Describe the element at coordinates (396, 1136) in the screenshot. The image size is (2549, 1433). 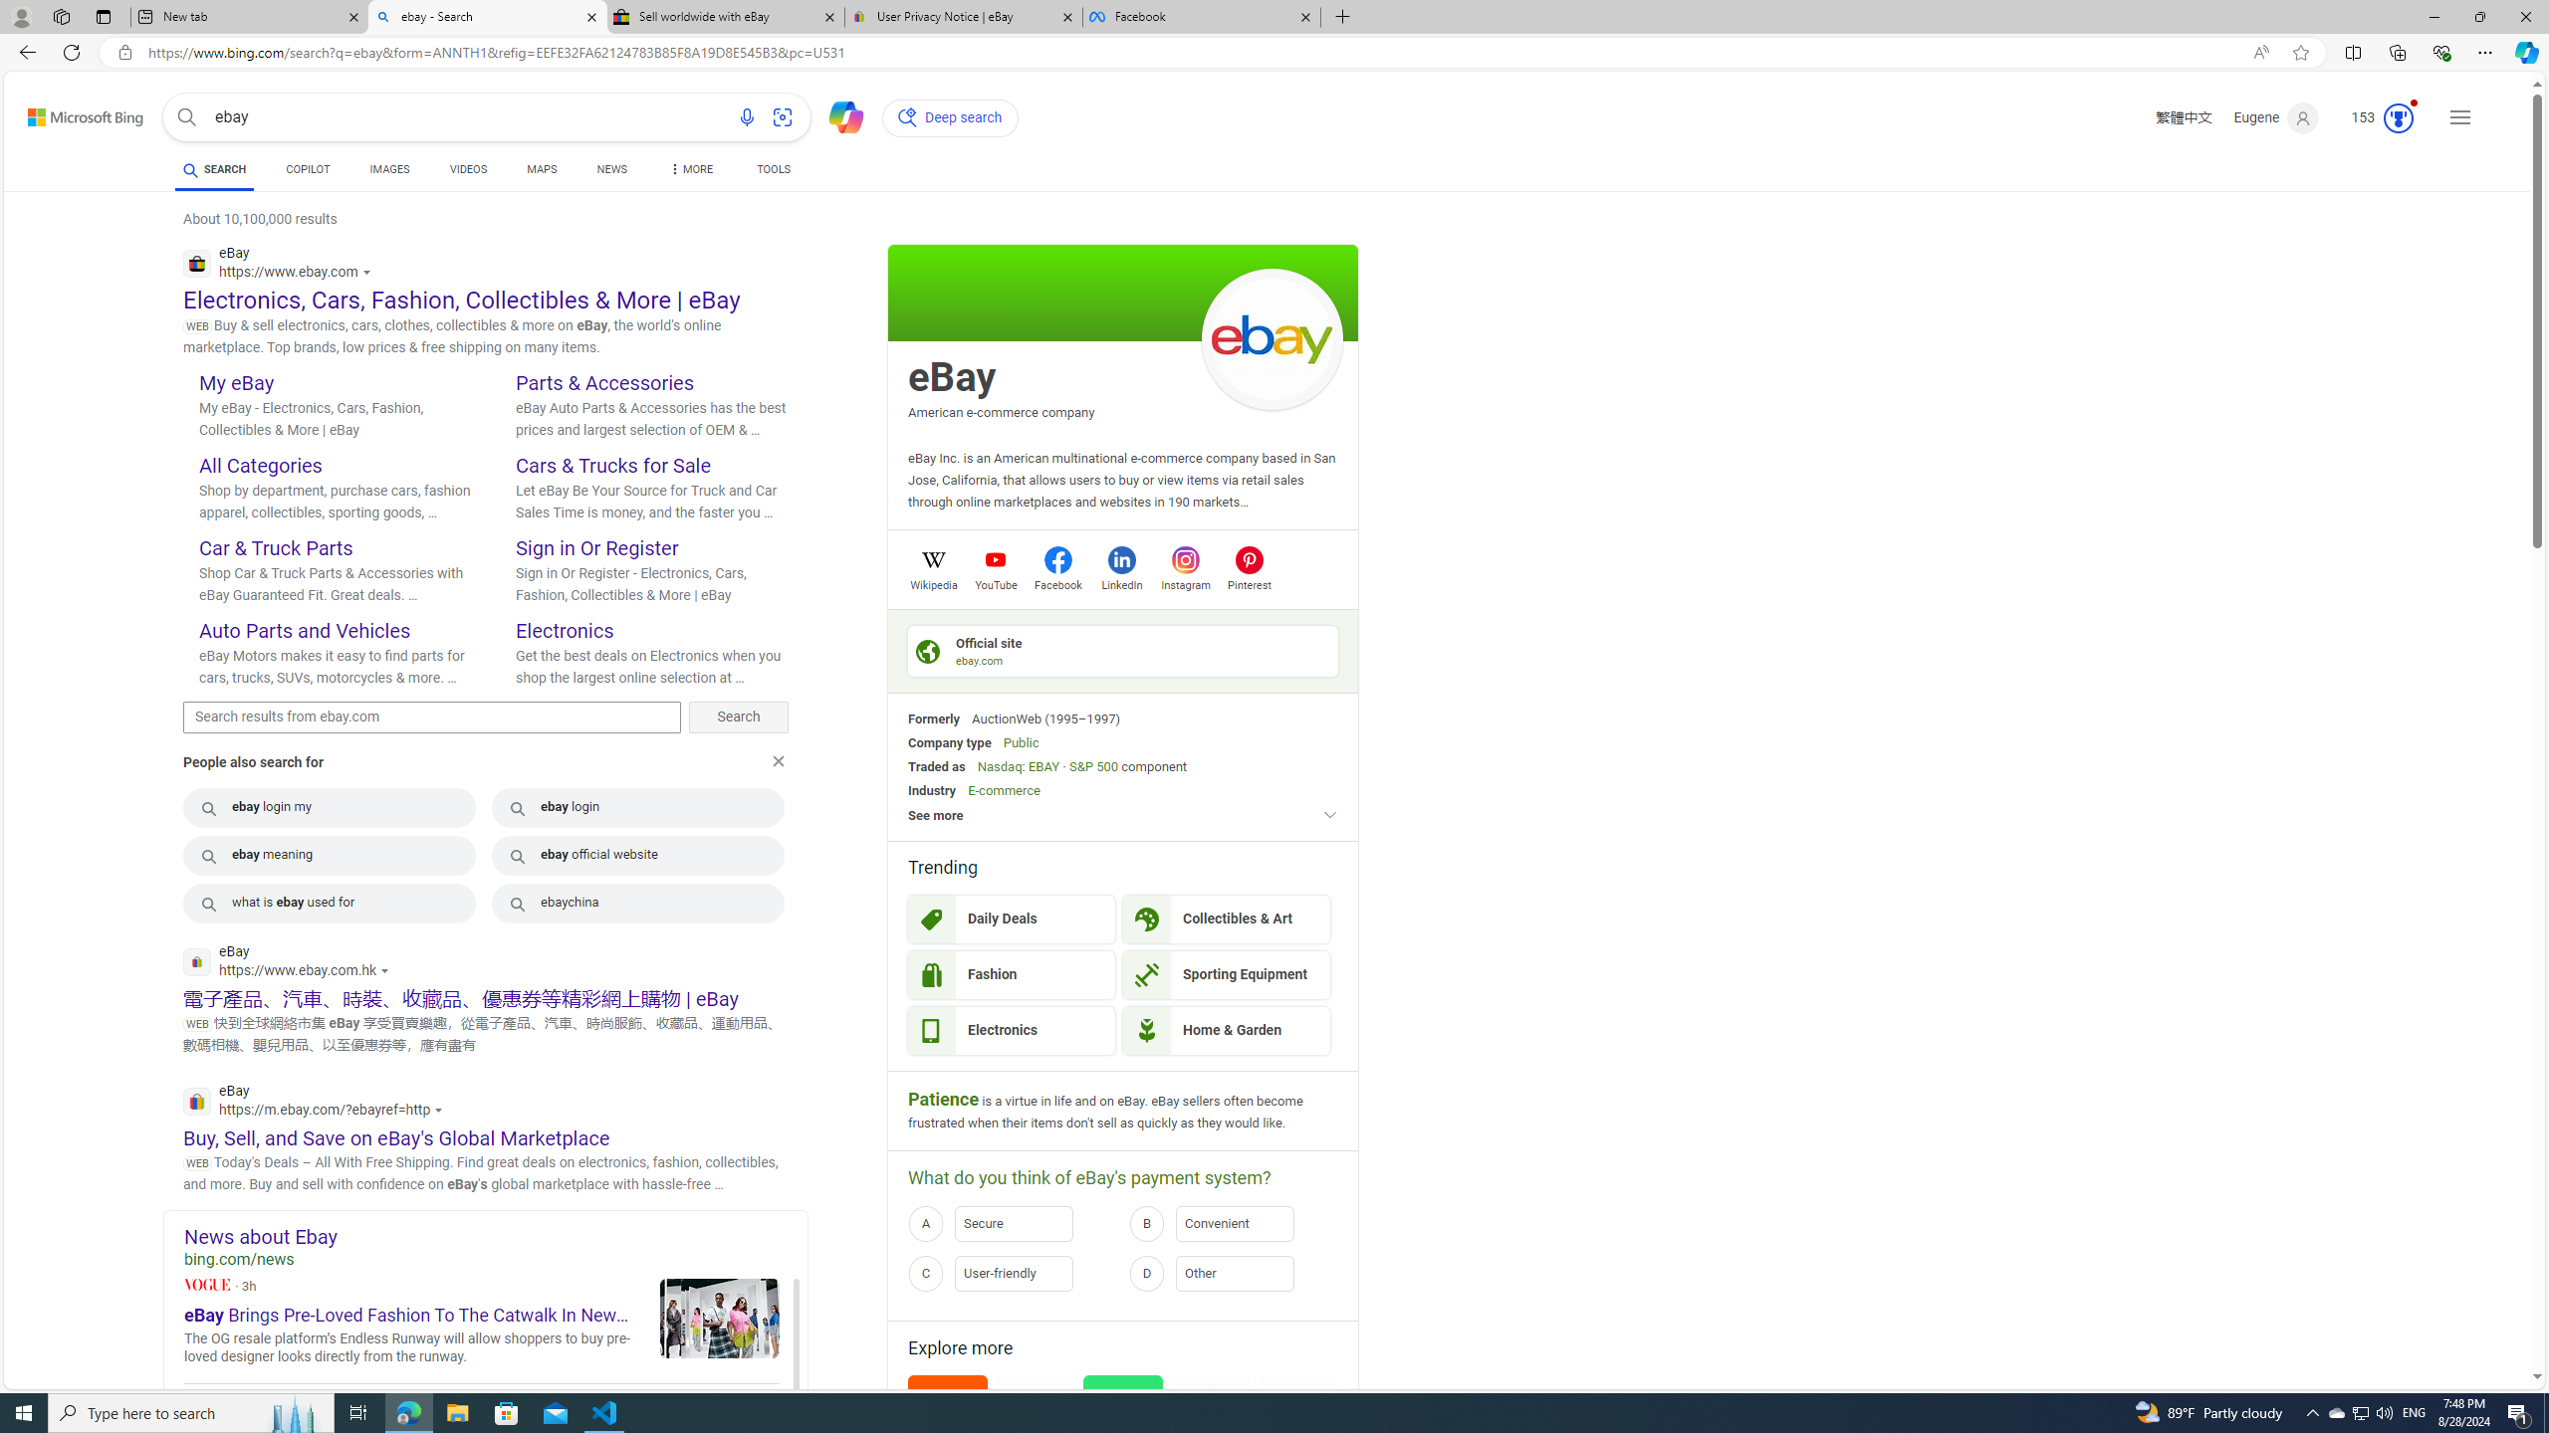
I see `'Buy, Sell, and Save on eBay'` at that location.